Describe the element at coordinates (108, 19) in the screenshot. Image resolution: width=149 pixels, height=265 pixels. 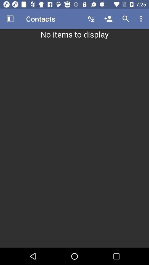
I see `icon above no items to icon` at that location.